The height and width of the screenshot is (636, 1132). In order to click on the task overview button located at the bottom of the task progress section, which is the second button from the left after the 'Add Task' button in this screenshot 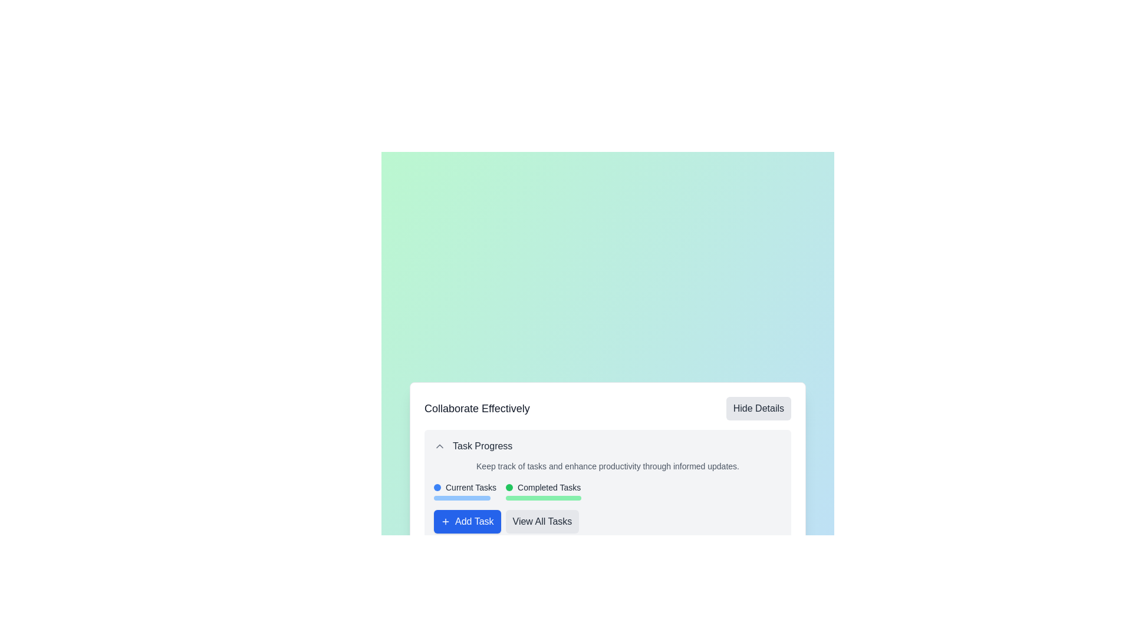, I will do `click(541, 521)`.